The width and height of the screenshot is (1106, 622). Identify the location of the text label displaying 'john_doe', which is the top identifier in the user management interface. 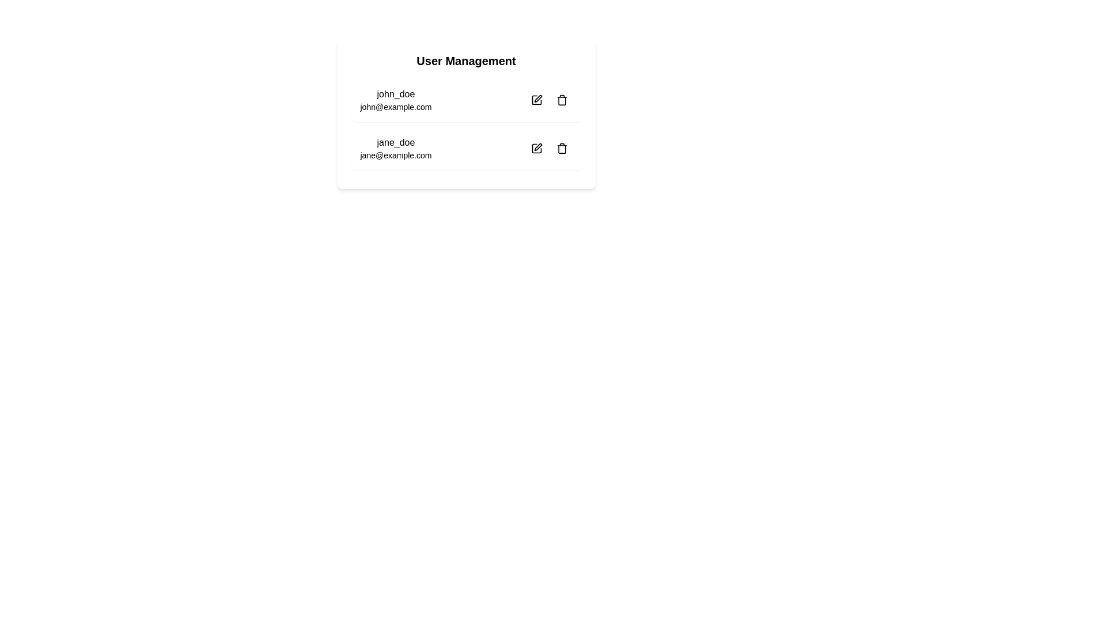
(396, 94).